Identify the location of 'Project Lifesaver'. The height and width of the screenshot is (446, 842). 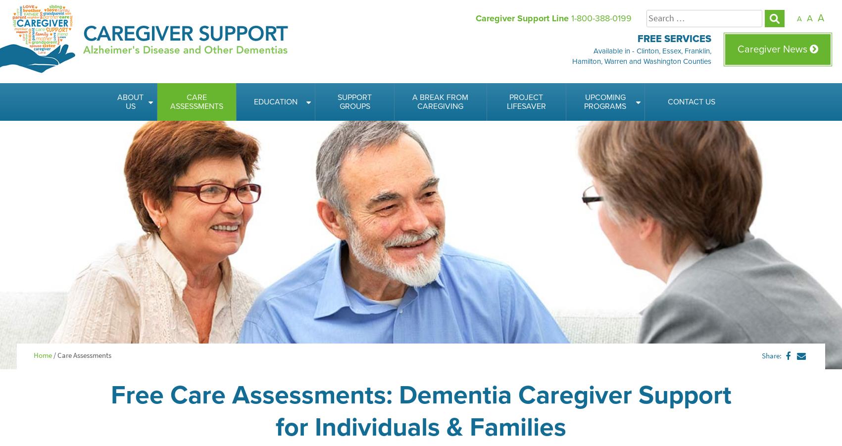
(526, 101).